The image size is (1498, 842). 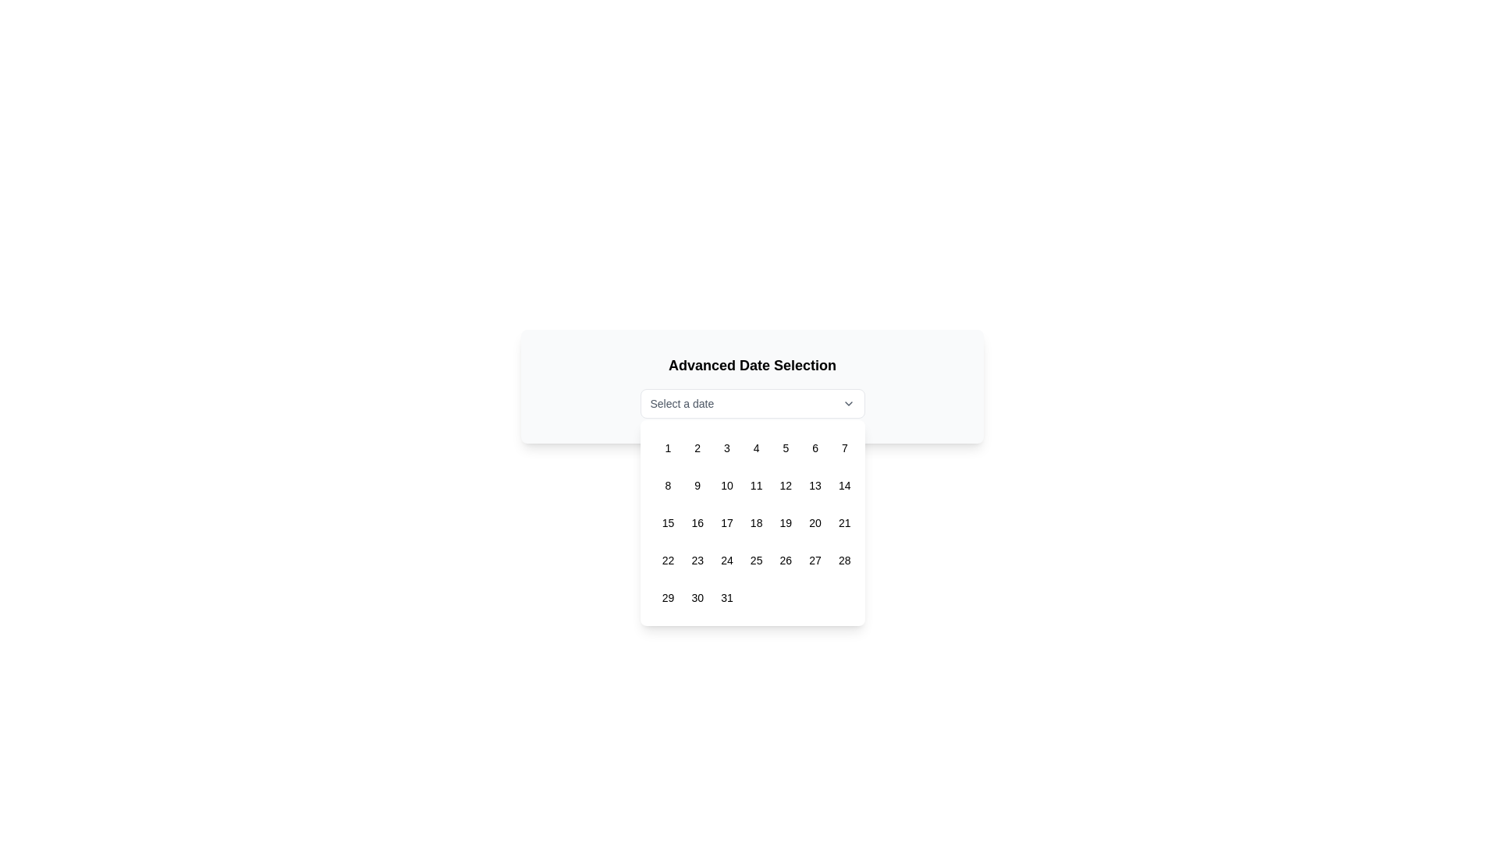 What do you see at coordinates (843, 448) in the screenshot?
I see `the circular button labeled '7' located in the first row, seventh column of the calendar grid under the 'Advanced Date Selection' panel` at bounding box center [843, 448].